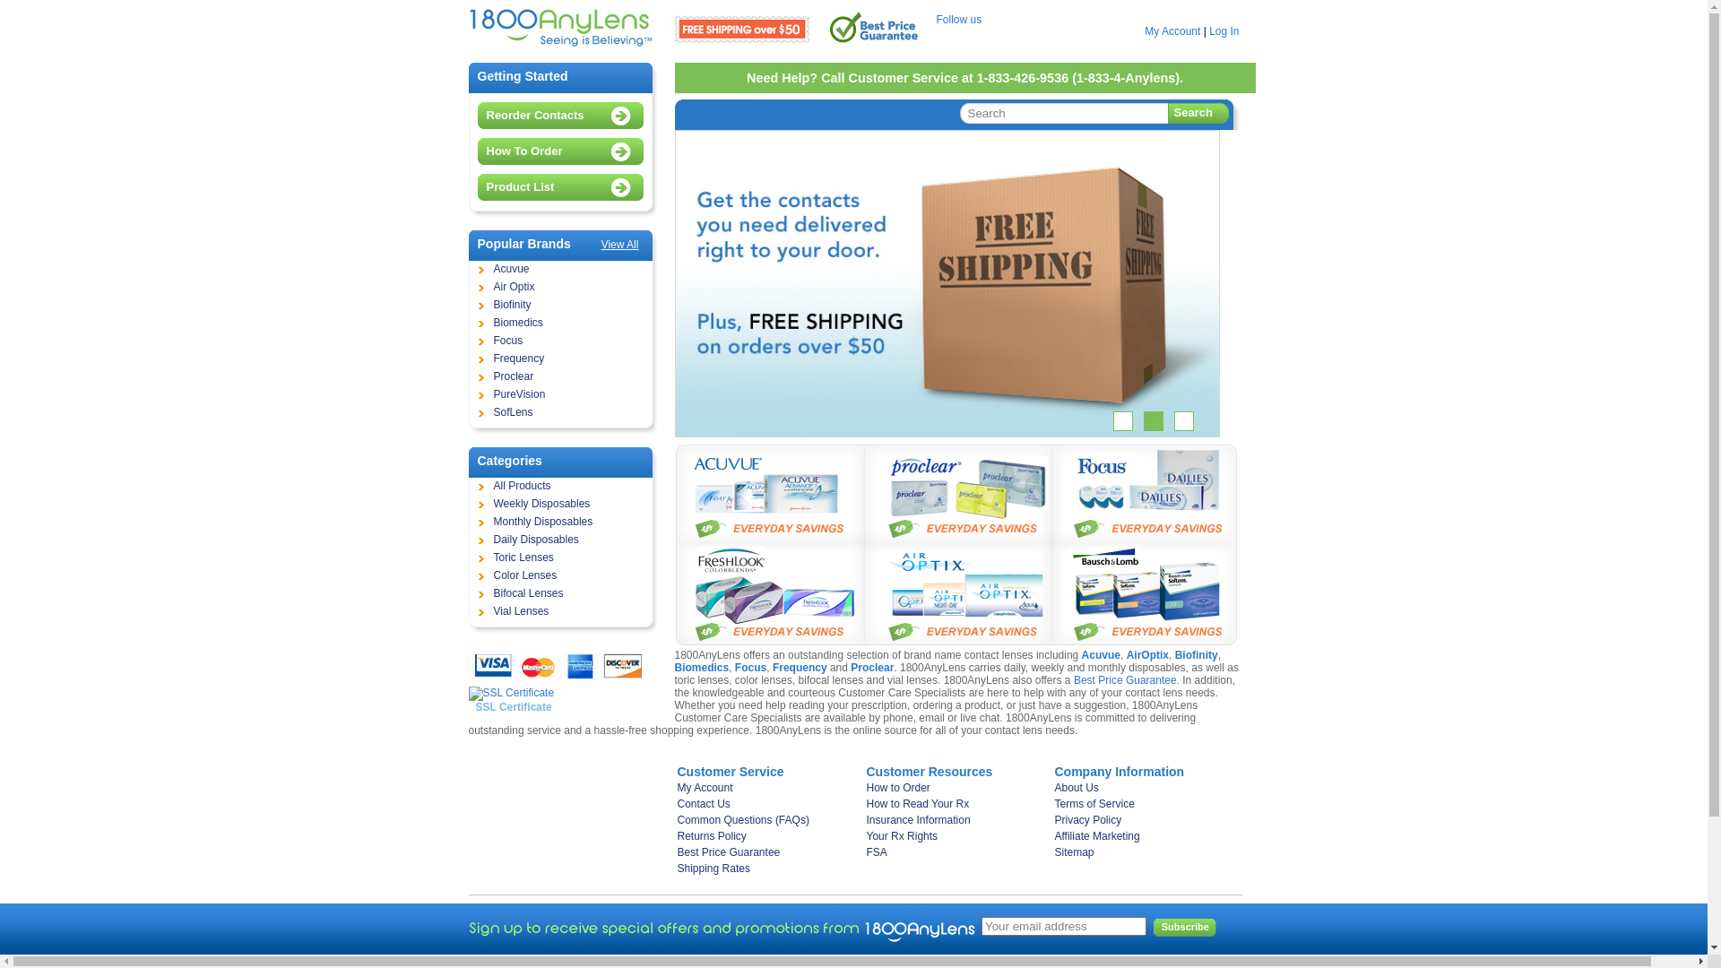 This screenshot has height=968, width=1721. I want to click on 'Biomedics', so click(700, 667).